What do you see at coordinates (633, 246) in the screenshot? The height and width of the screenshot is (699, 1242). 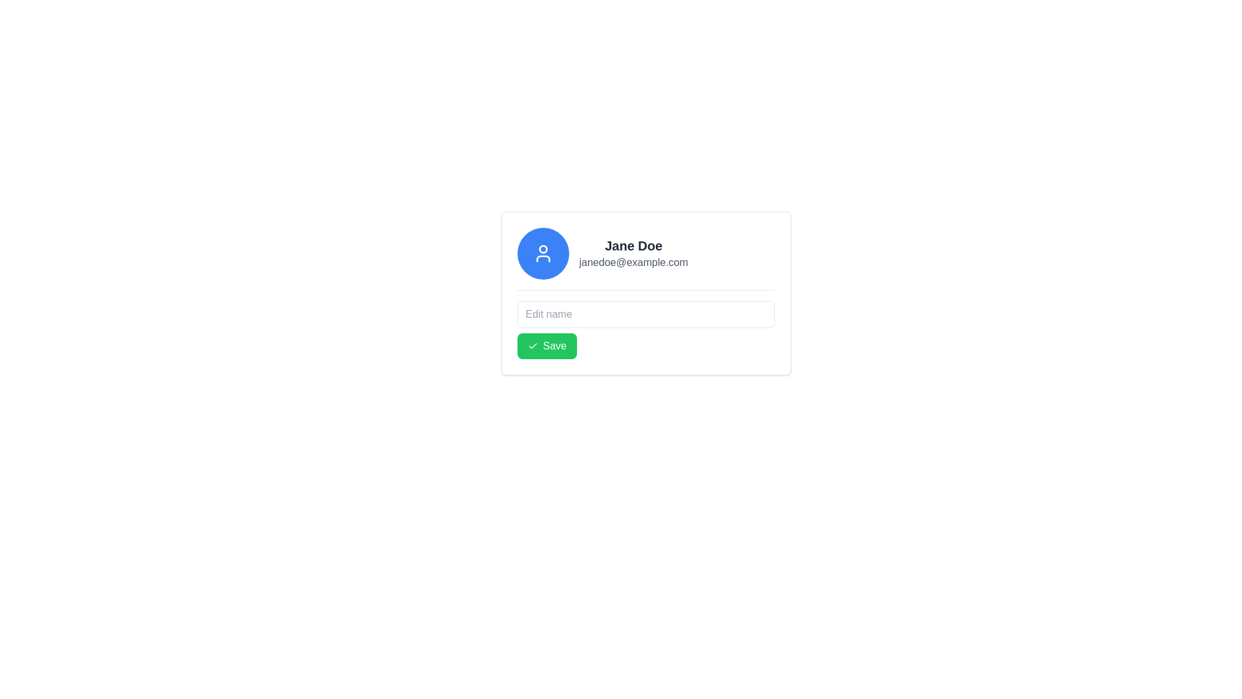 I see `the text label displaying 'Jane Doe' which is styled in bold and dark gray, located above an email address and to the right of an avatar icon` at bounding box center [633, 246].